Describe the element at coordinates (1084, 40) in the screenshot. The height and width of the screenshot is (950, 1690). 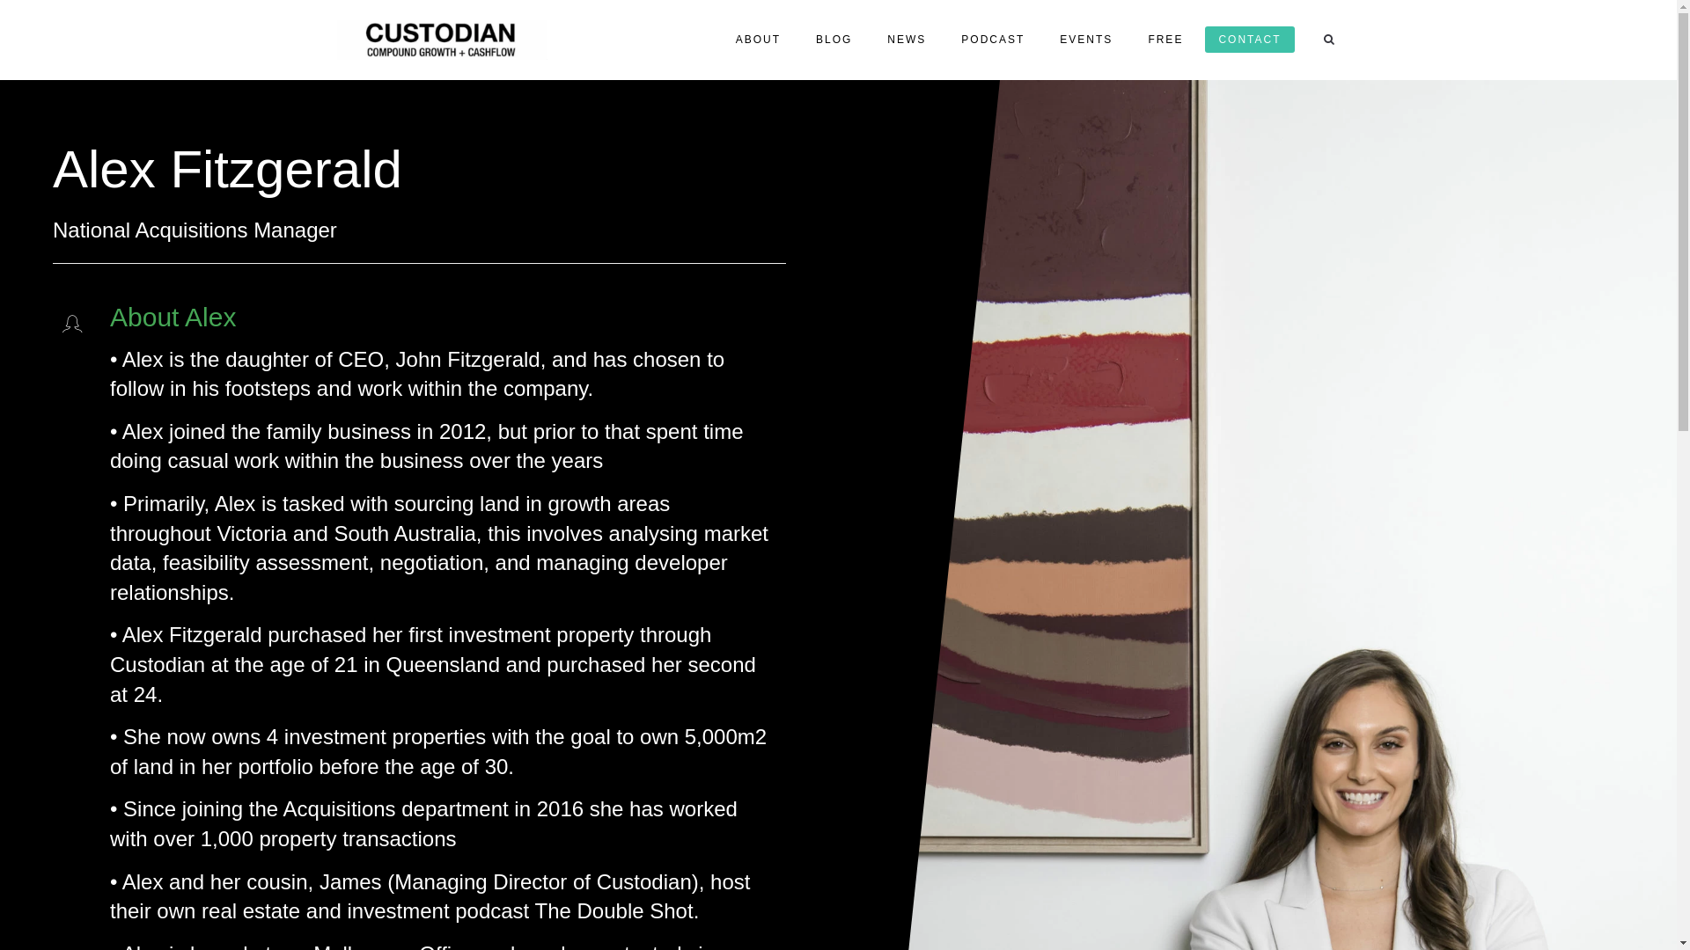
I see `'EVENTS'` at that location.